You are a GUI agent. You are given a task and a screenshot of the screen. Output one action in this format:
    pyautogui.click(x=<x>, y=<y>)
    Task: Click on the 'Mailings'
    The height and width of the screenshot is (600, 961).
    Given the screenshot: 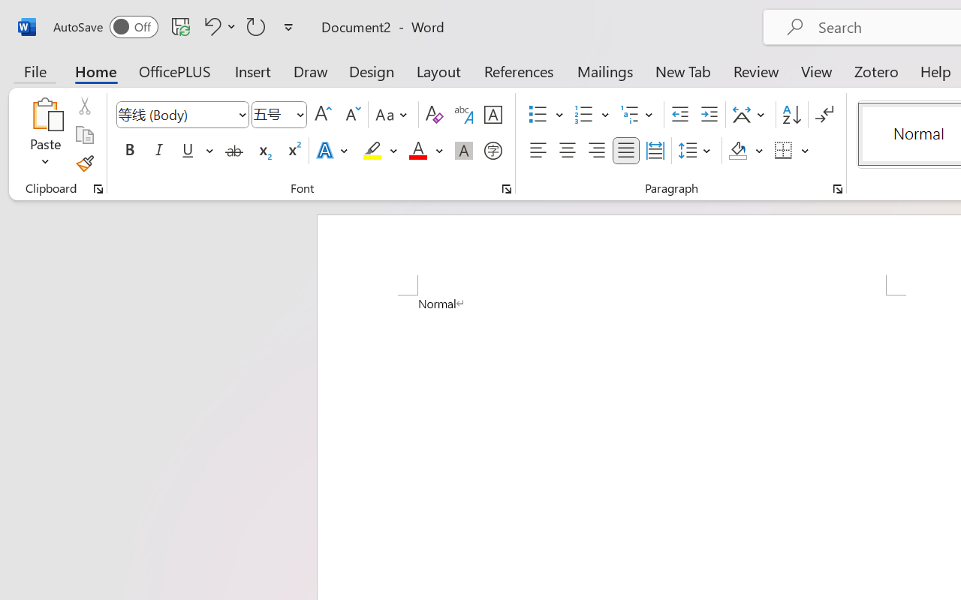 What is the action you would take?
    pyautogui.click(x=605, y=70)
    